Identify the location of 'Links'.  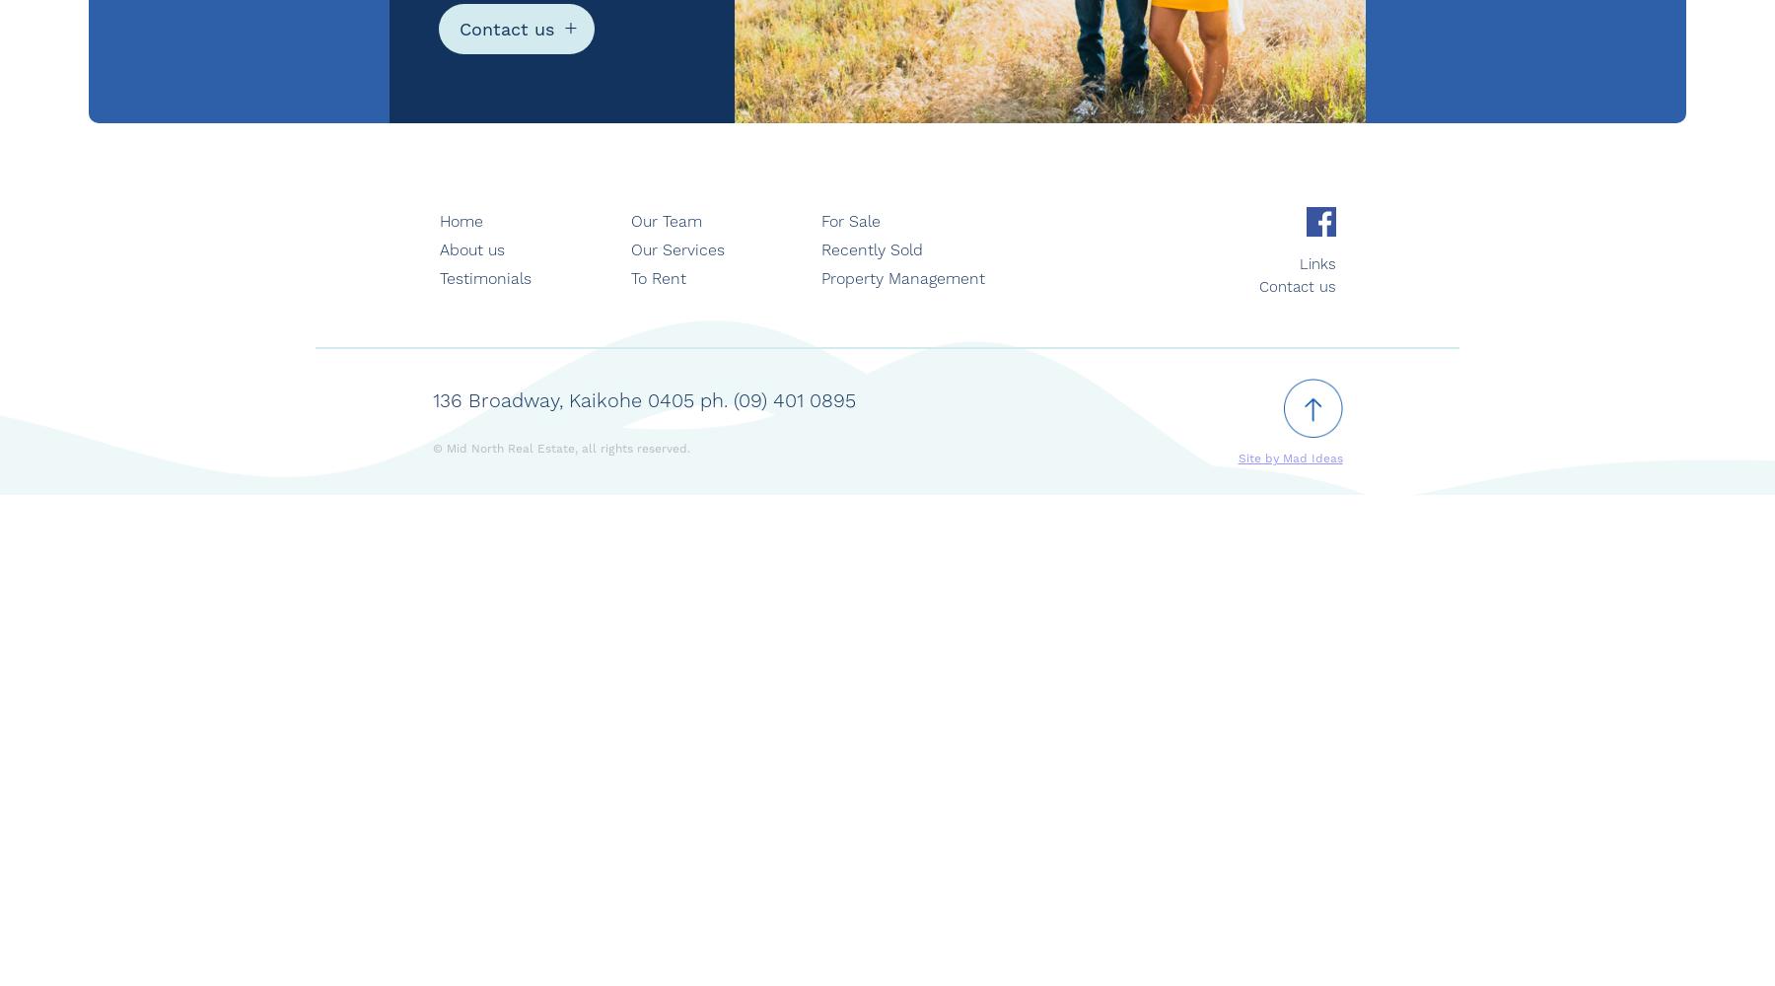
(1316, 264).